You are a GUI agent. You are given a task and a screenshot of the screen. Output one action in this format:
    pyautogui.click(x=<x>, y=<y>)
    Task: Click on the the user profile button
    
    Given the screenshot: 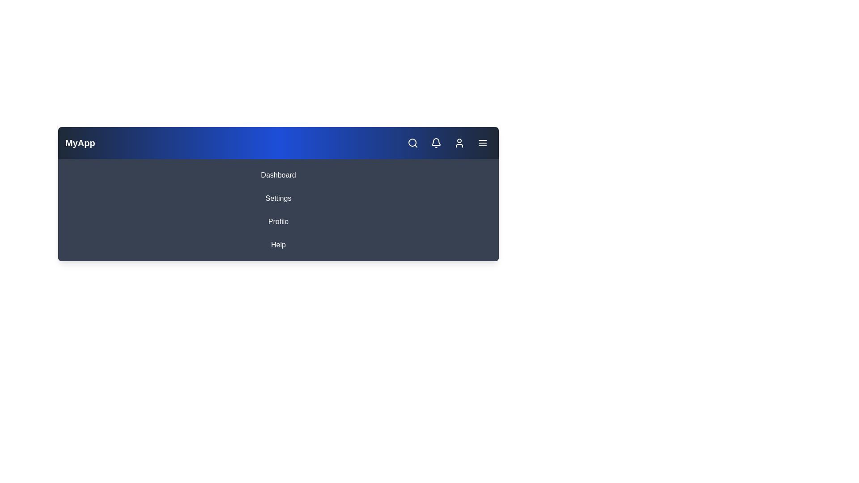 What is the action you would take?
    pyautogui.click(x=459, y=143)
    